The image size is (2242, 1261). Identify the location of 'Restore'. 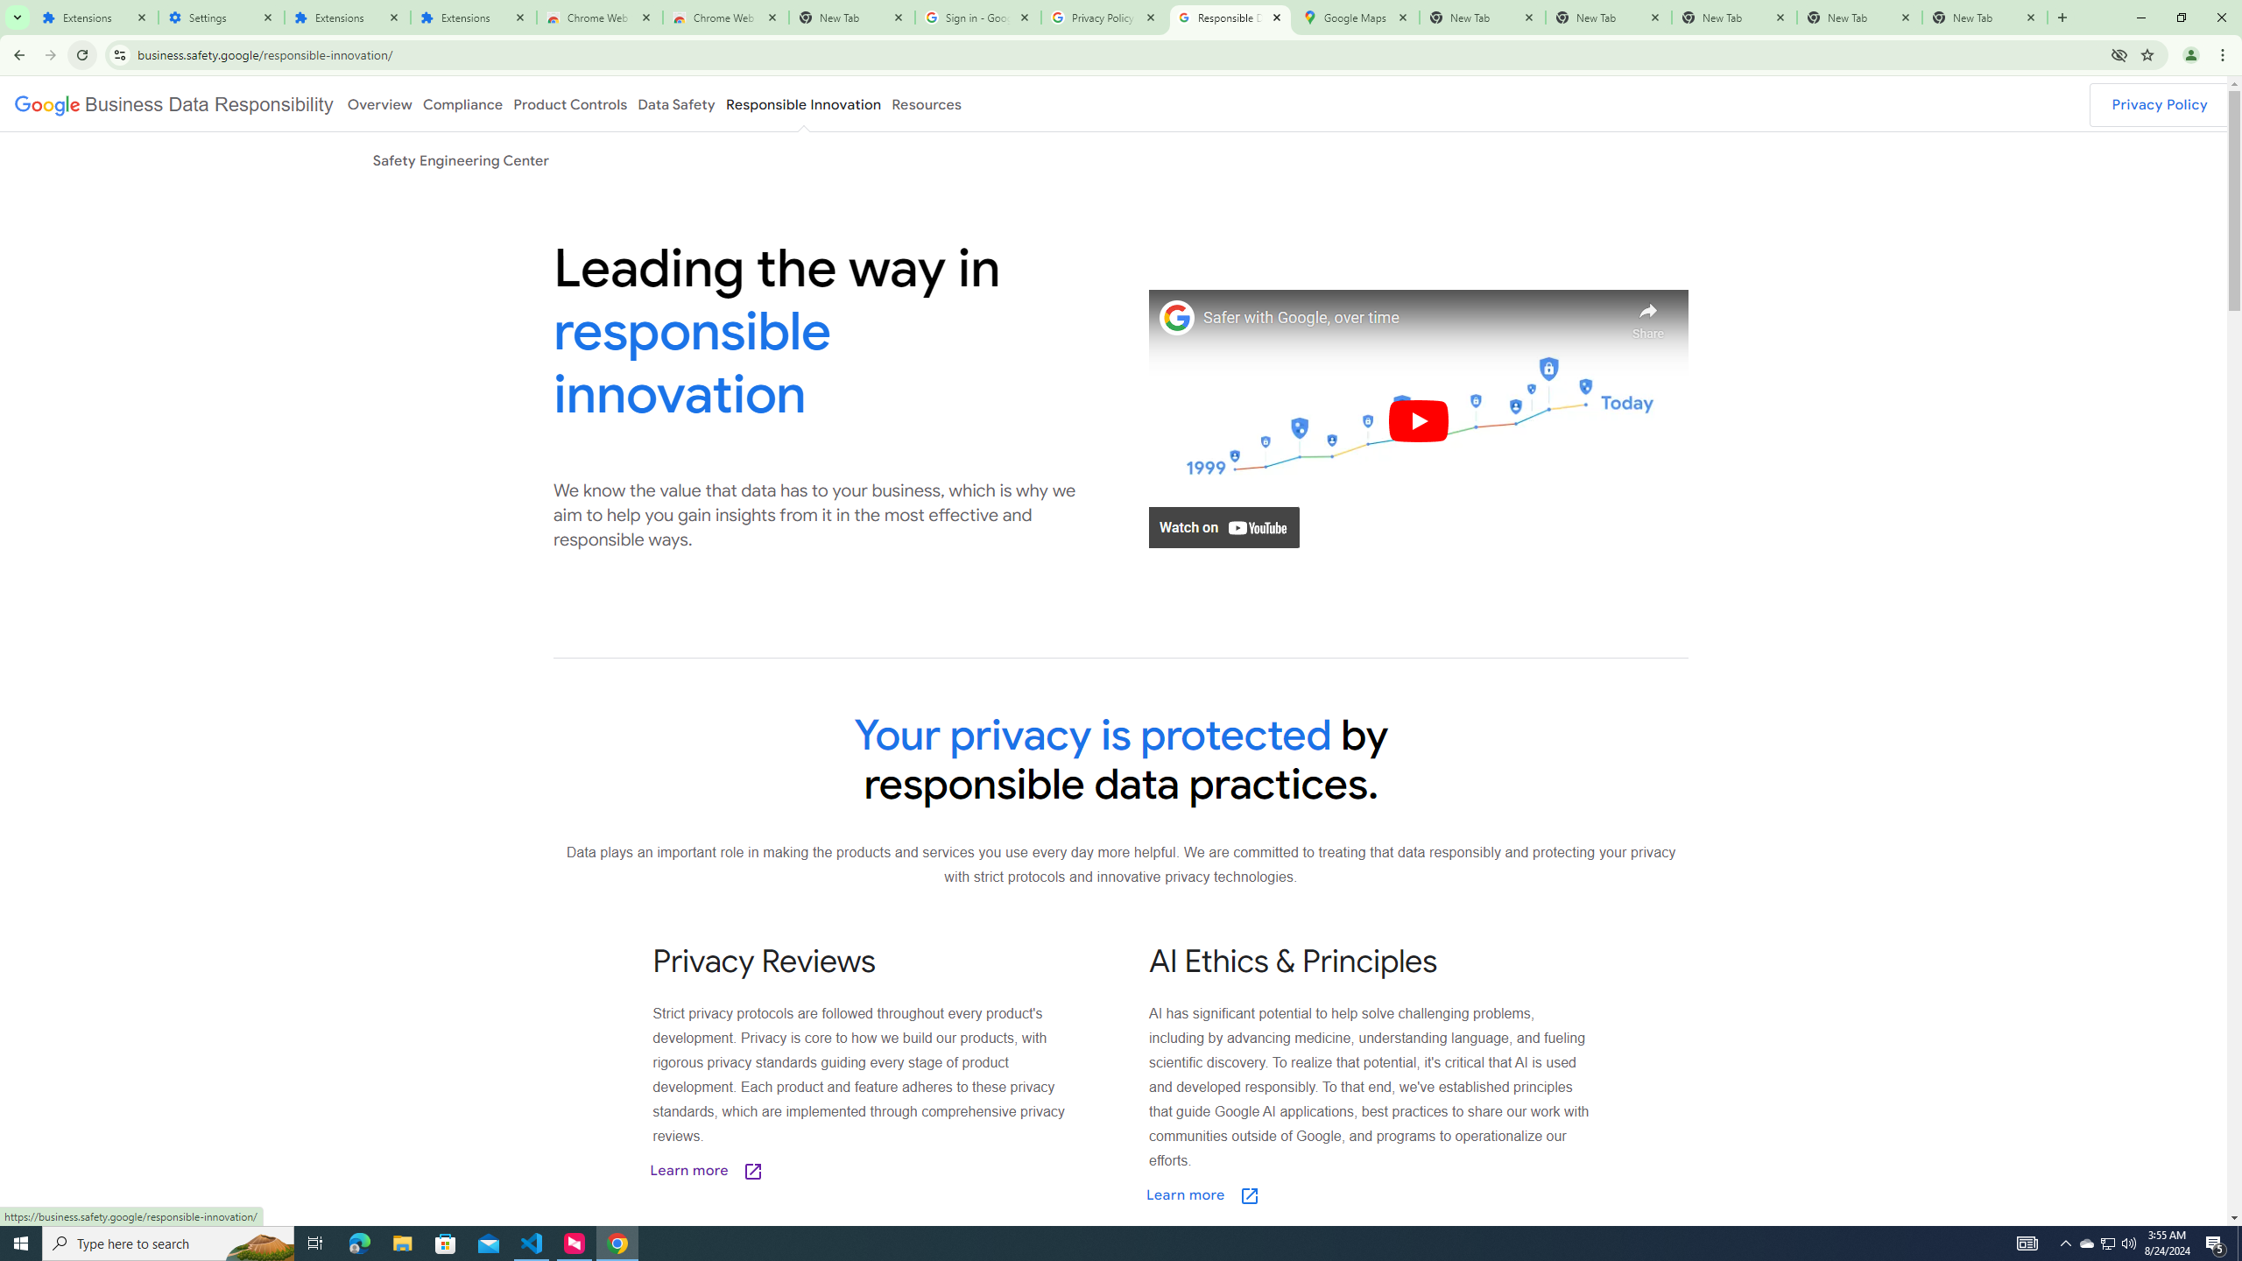
(2181, 17).